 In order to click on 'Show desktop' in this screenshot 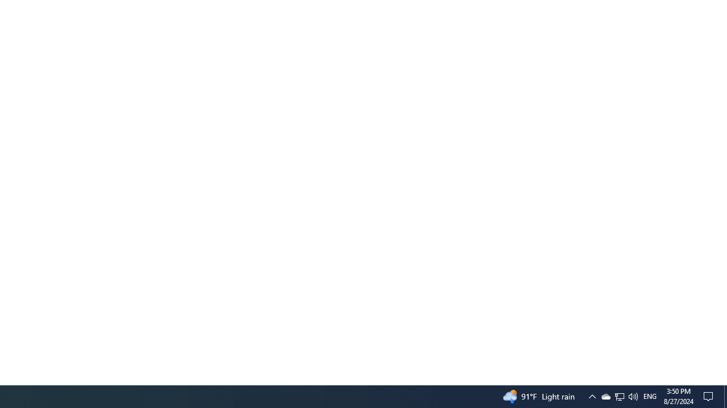, I will do `click(725, 396)`.